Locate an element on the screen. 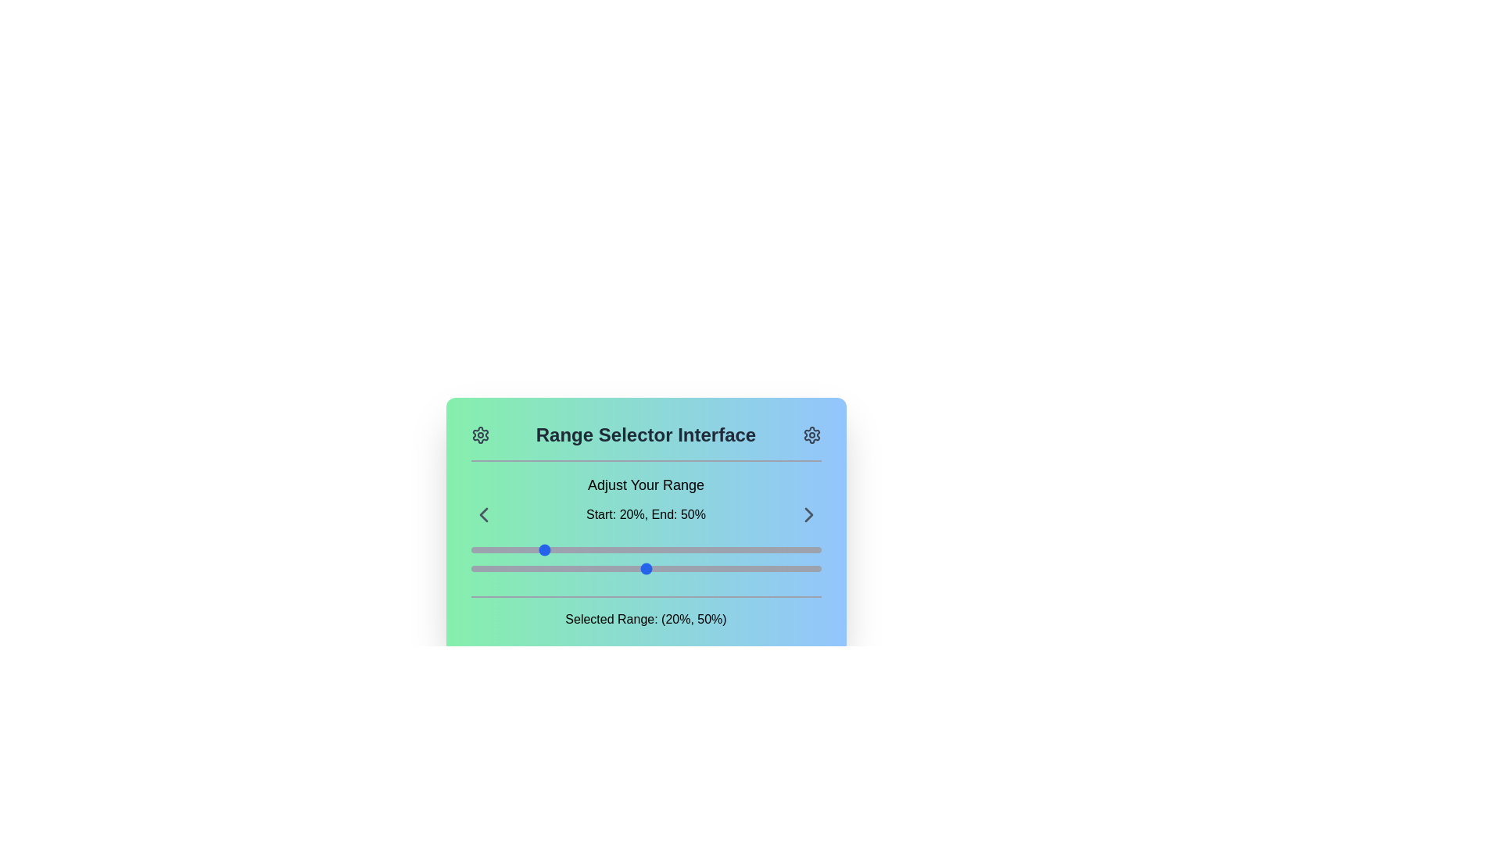  the slider value is located at coordinates (743, 569).